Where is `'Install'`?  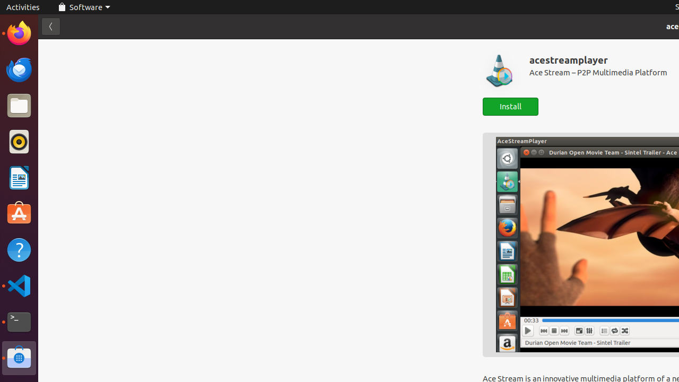 'Install' is located at coordinates (510, 107).